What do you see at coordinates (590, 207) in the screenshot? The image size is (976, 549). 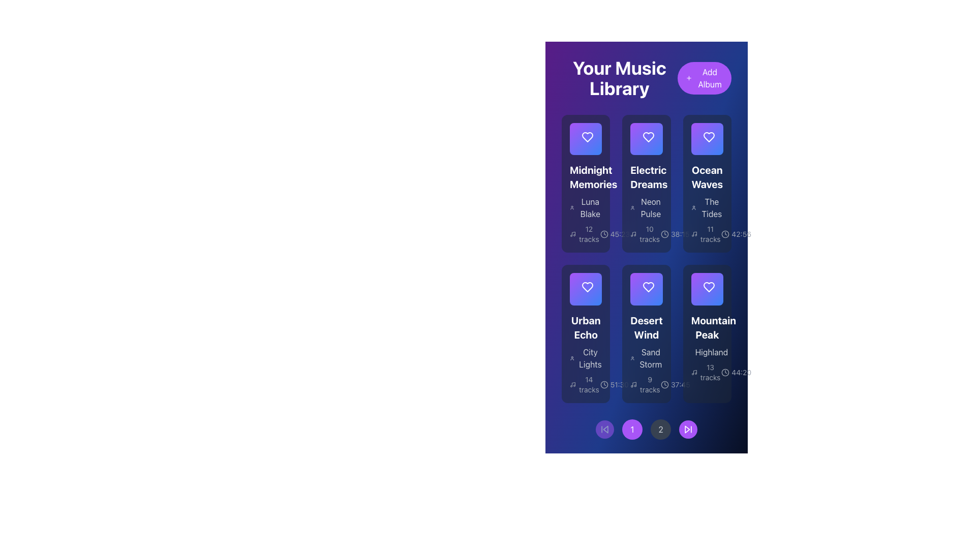 I see `the text label element displaying 'Luna Blake', which is located at the bottom-left area of the 'Midnight Memories' card, below the card's title and to the left of the album metadata` at bounding box center [590, 207].